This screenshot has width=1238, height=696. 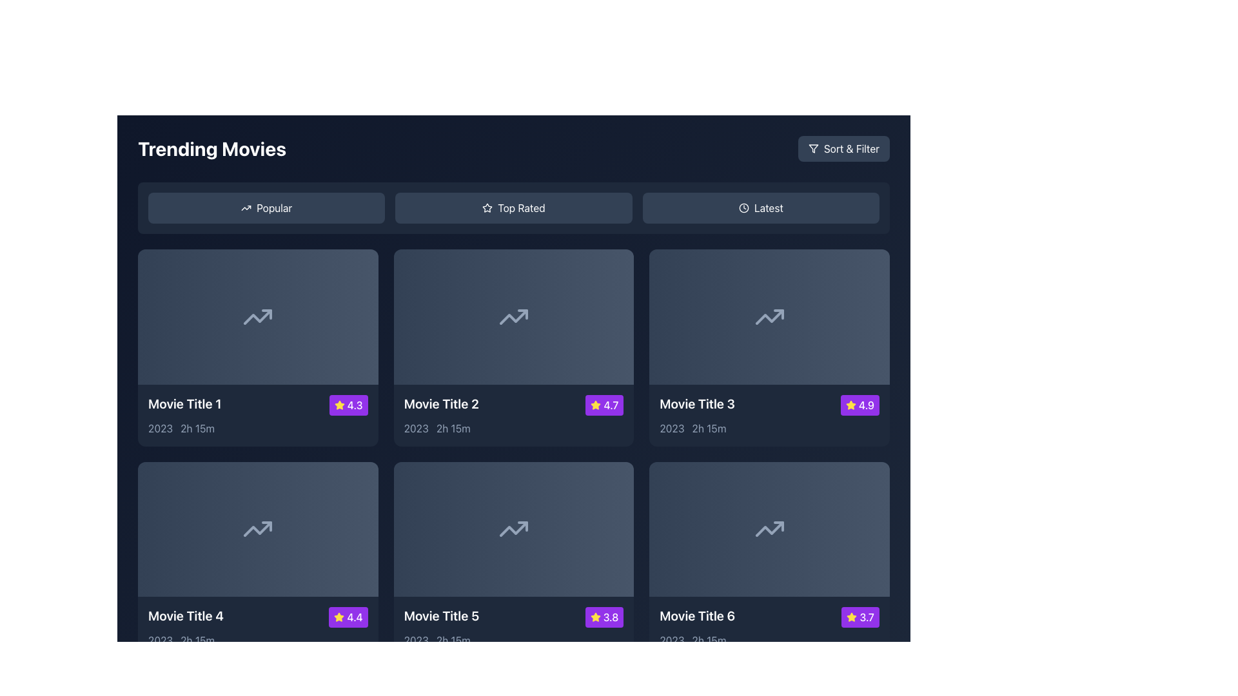 What do you see at coordinates (812, 148) in the screenshot?
I see `the 'Sort & Filter' button located in the top-right corner of the interface` at bounding box center [812, 148].